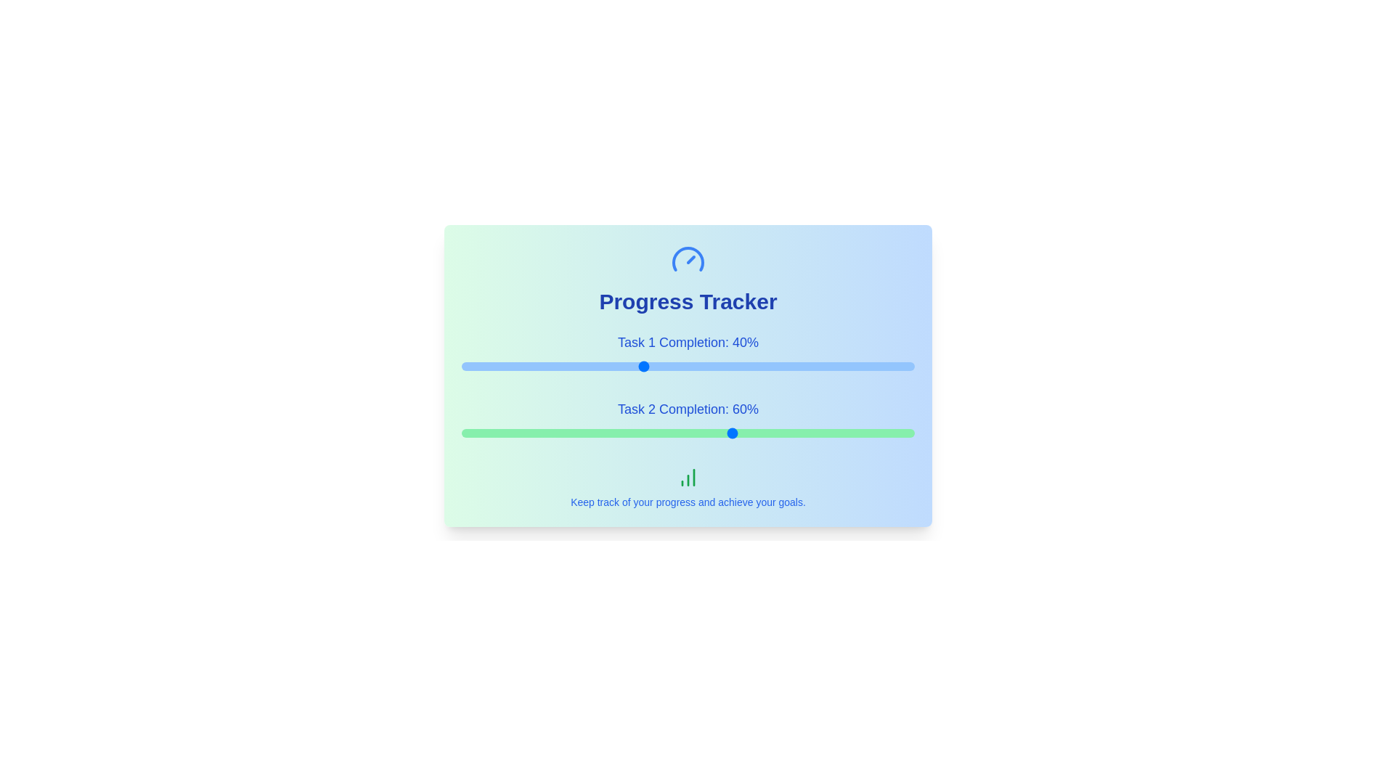  Describe the element at coordinates (688, 354) in the screenshot. I see `the Text label indicating the progress percentage for 'Task 1', located above the blue progress bar` at that location.